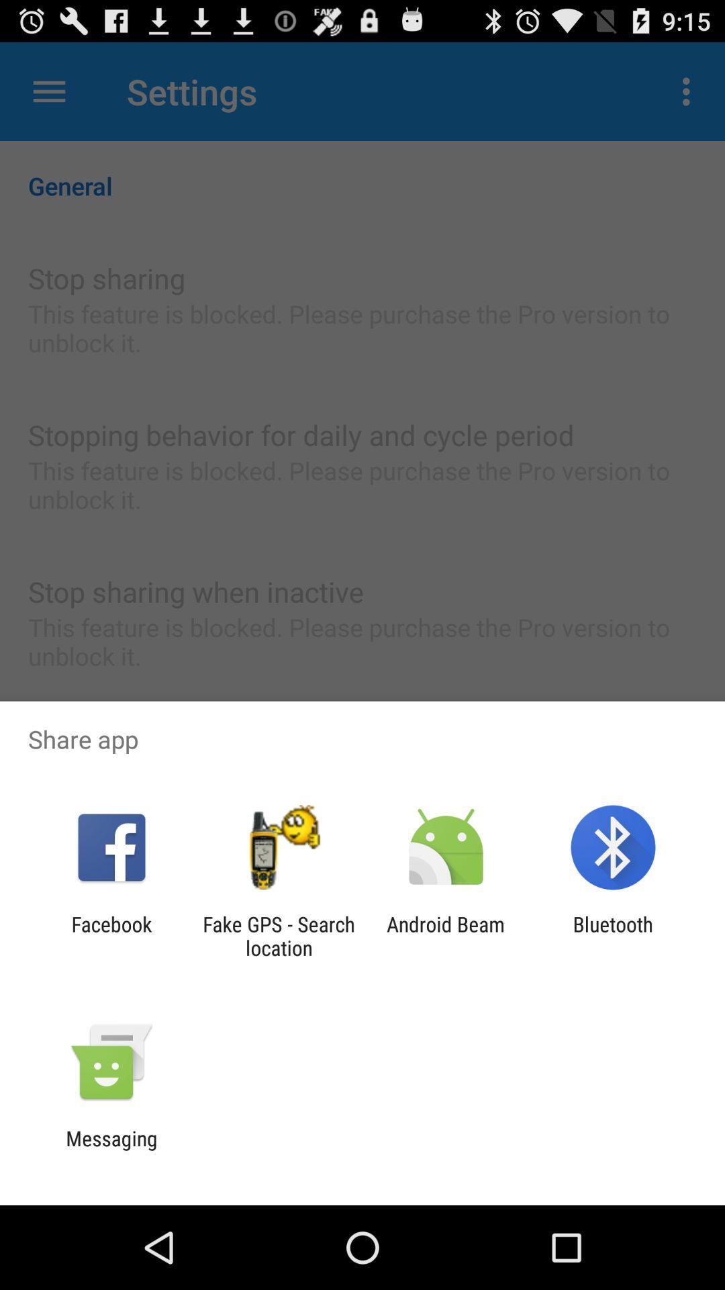  What do you see at coordinates (446, 935) in the screenshot?
I see `item next to the fake gps search app` at bounding box center [446, 935].